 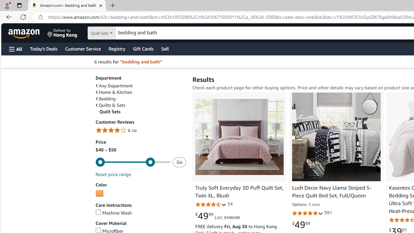 I want to click on 'Today', so click(x=43, y=48).